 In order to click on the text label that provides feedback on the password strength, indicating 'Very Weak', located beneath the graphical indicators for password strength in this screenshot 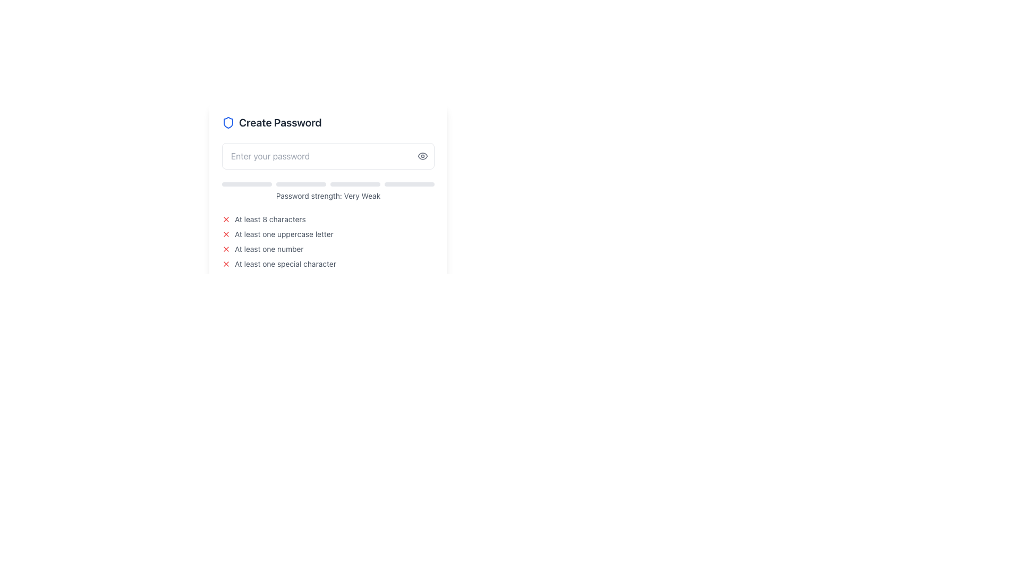, I will do `click(328, 196)`.